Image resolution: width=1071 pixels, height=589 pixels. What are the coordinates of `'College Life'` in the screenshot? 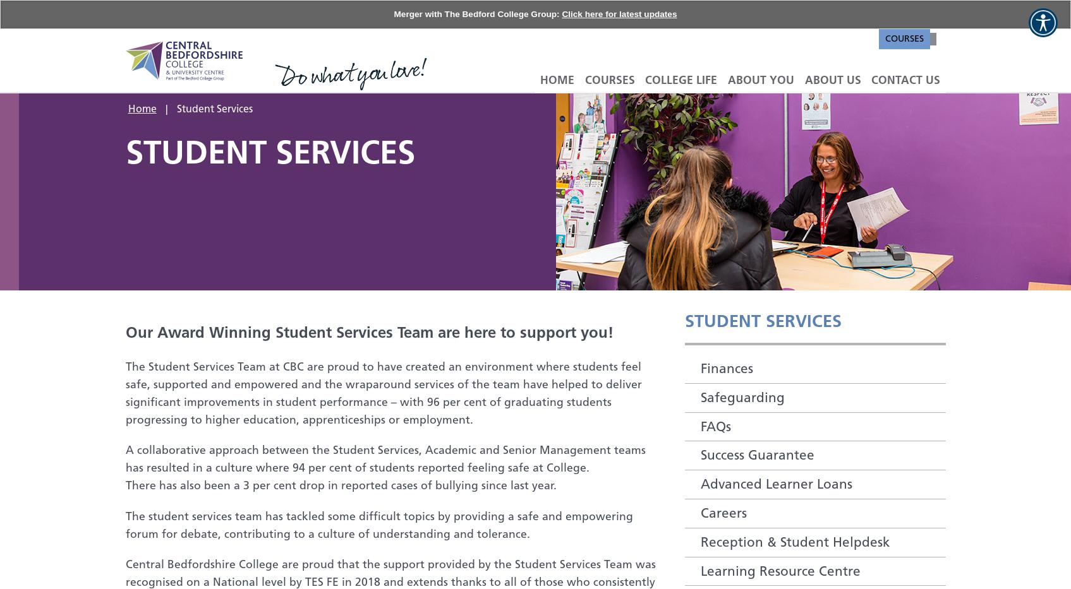 It's located at (681, 79).